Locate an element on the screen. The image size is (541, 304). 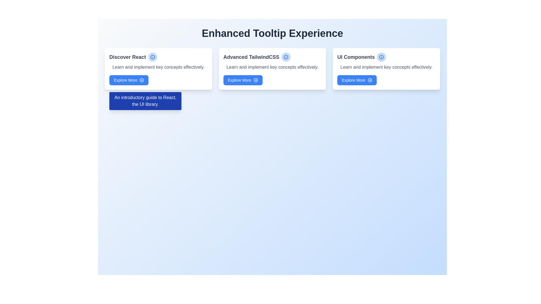
the Interactive icon button located immediately to the right of the 'Advanced TailwindCSS' section title is located at coordinates (286, 57).